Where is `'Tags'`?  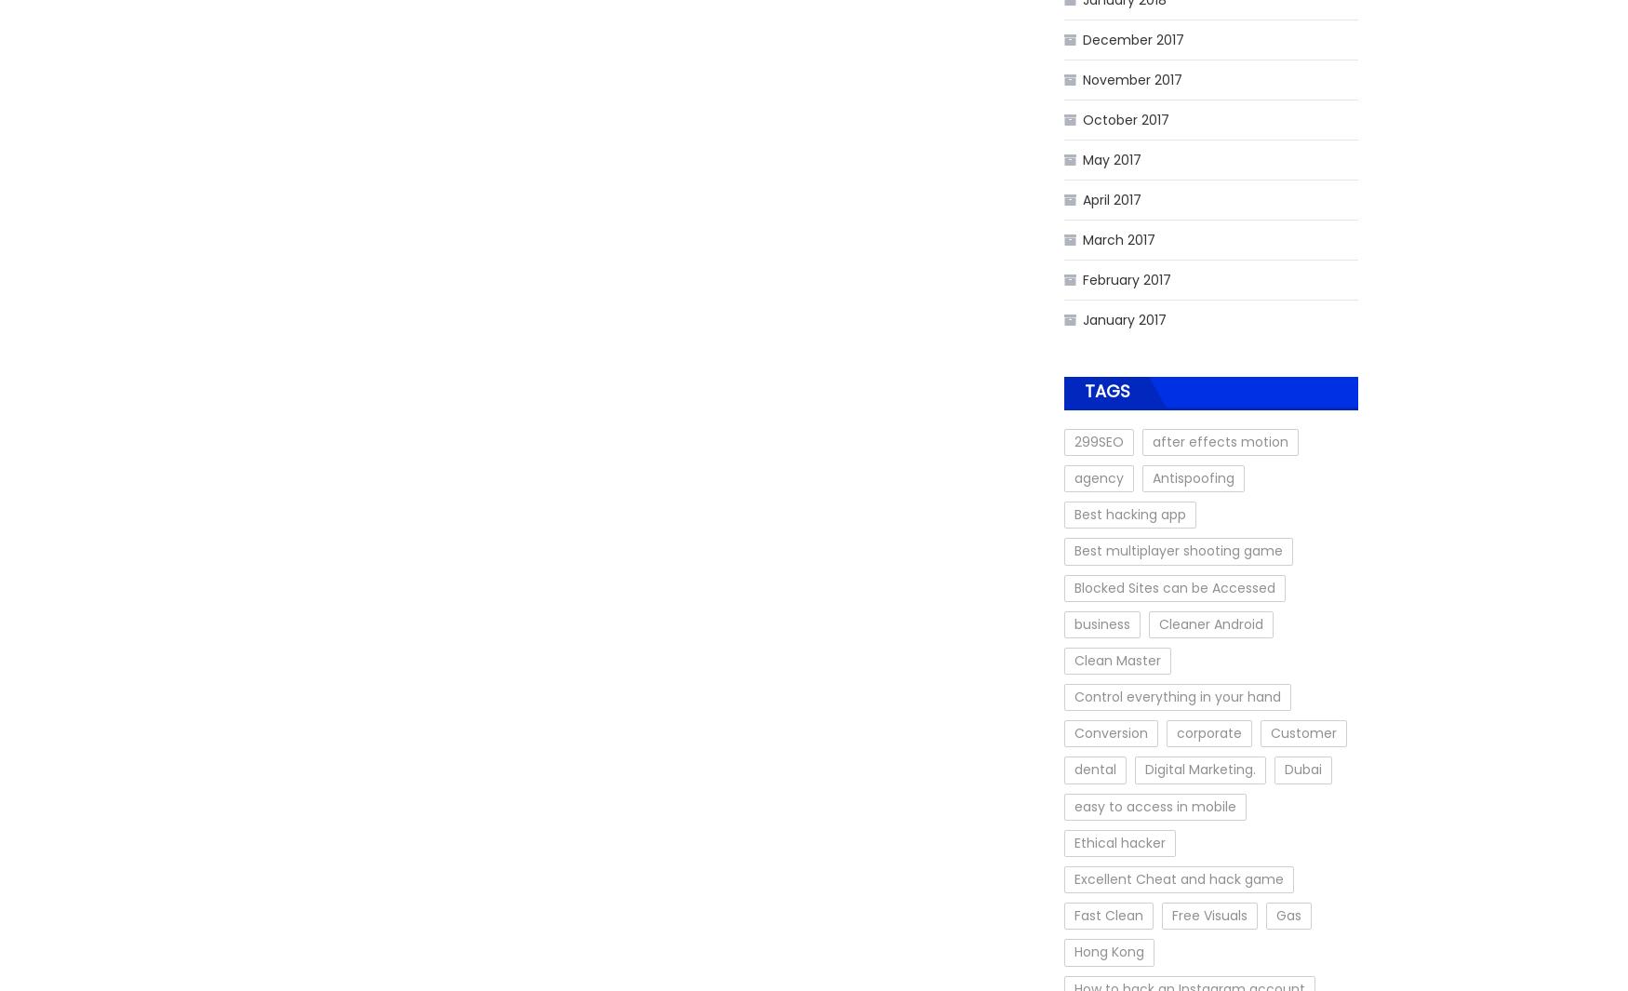 'Tags' is located at coordinates (1107, 390).